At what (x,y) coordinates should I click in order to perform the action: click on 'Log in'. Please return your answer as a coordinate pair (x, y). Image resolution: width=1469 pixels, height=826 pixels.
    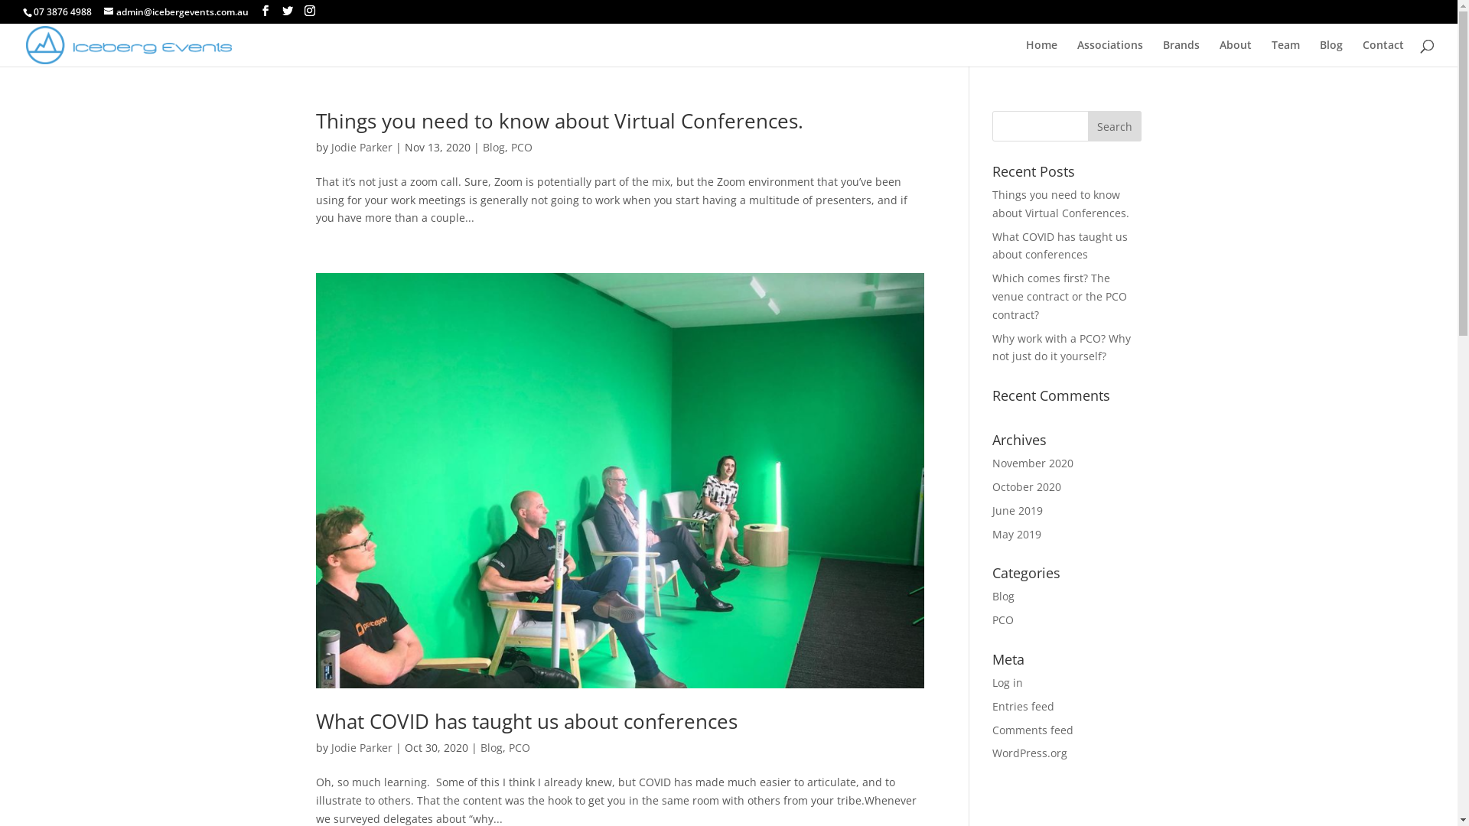
    Looking at the image, I should click on (1007, 681).